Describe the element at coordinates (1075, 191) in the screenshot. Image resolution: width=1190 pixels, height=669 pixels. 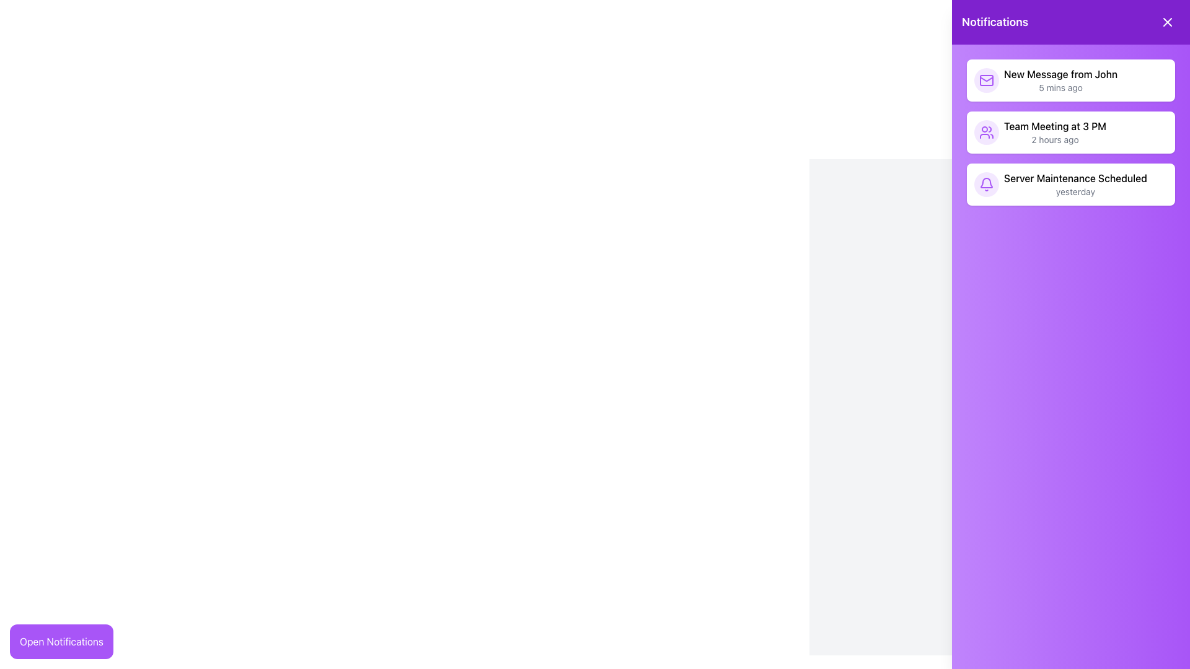
I see `the small text label reading 'yesterday' that is styled in light gray color and located at the bottom of the notification item titled 'Server Maintenance Scheduled'` at that location.